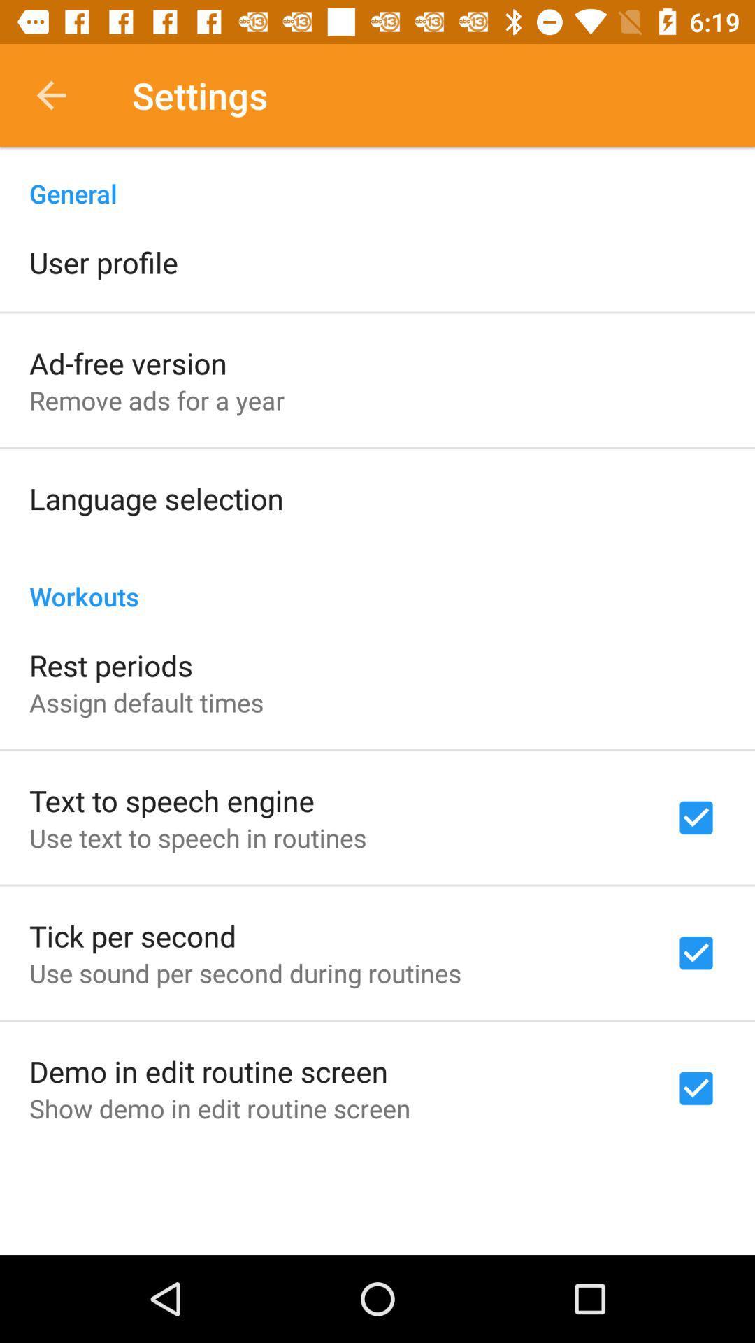  What do you see at coordinates (50, 94) in the screenshot?
I see `the item next to settings icon` at bounding box center [50, 94].